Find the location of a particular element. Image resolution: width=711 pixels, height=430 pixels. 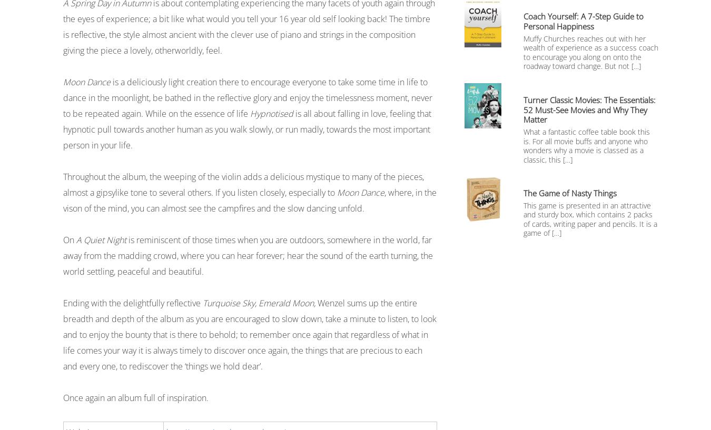

'Hypnotised' is located at coordinates (271, 113).